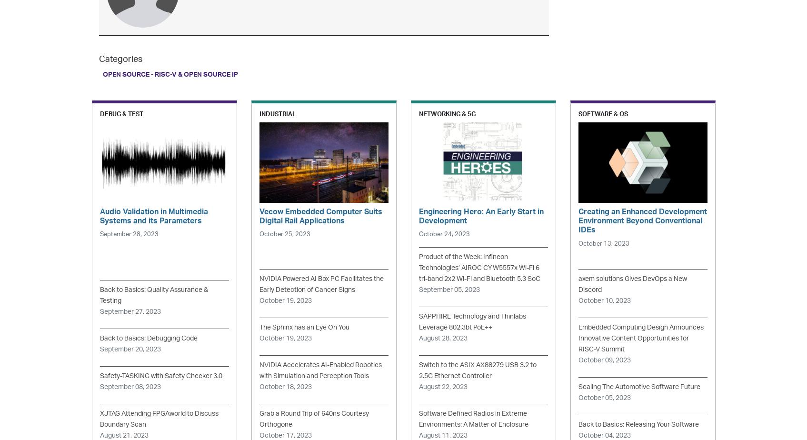 The width and height of the screenshot is (807, 440). I want to click on 'Back to Basics: Quality Assurance & Testing', so click(153, 295).